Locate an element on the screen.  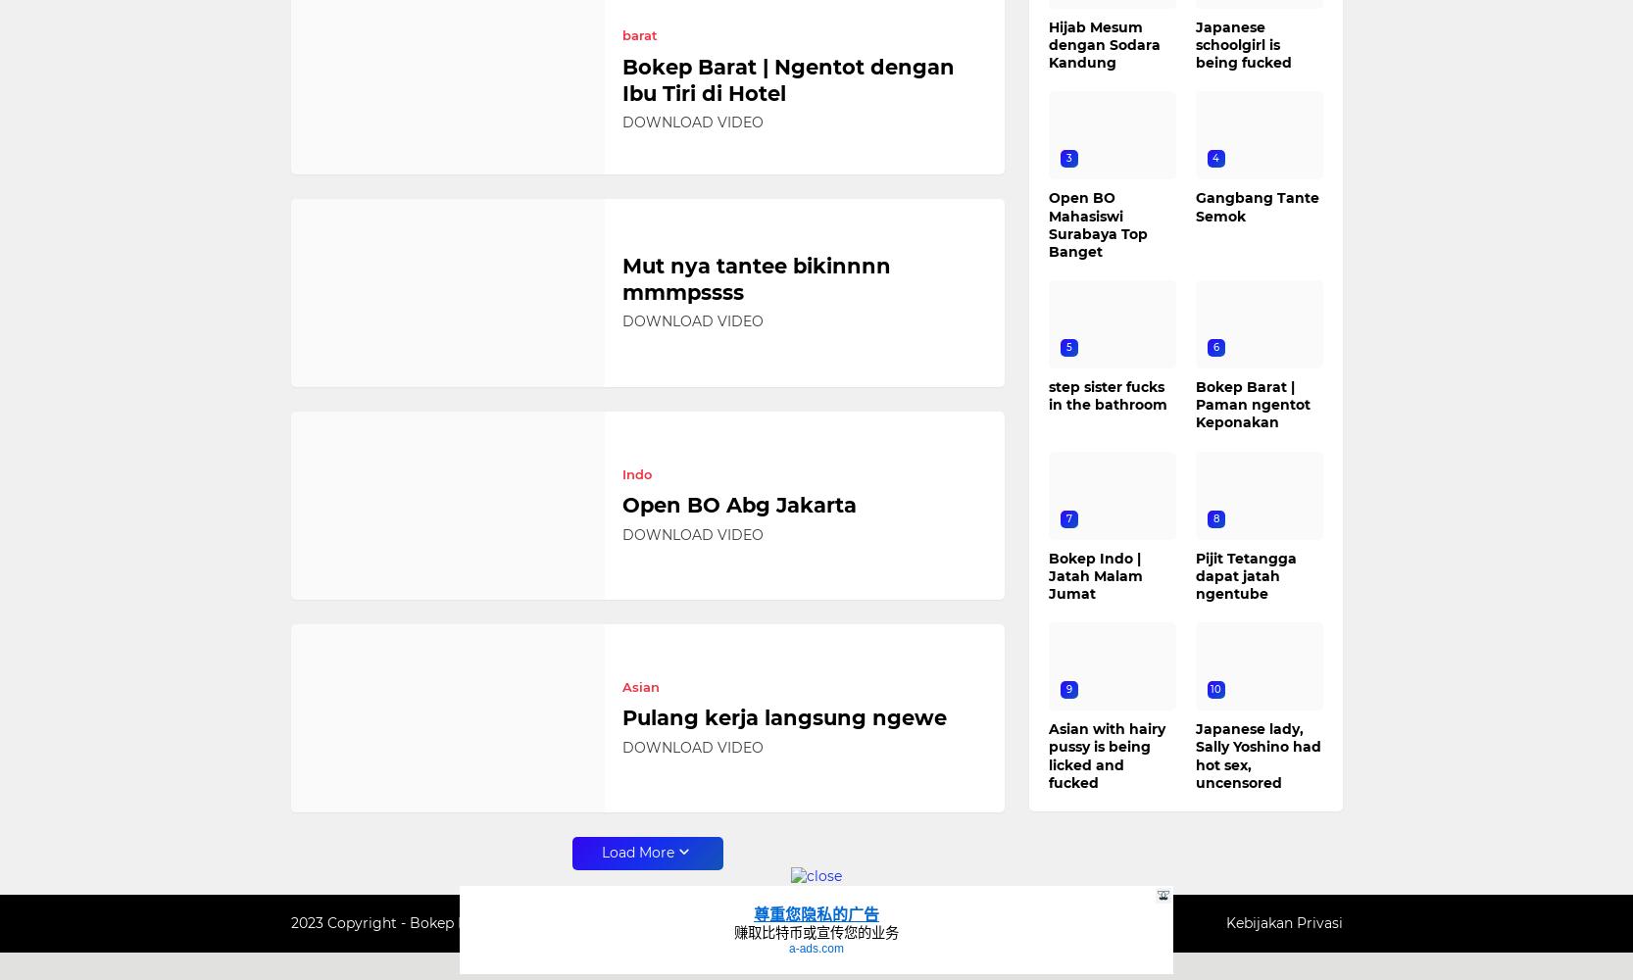
'Open BO Abg Jakarta' is located at coordinates (738, 505).